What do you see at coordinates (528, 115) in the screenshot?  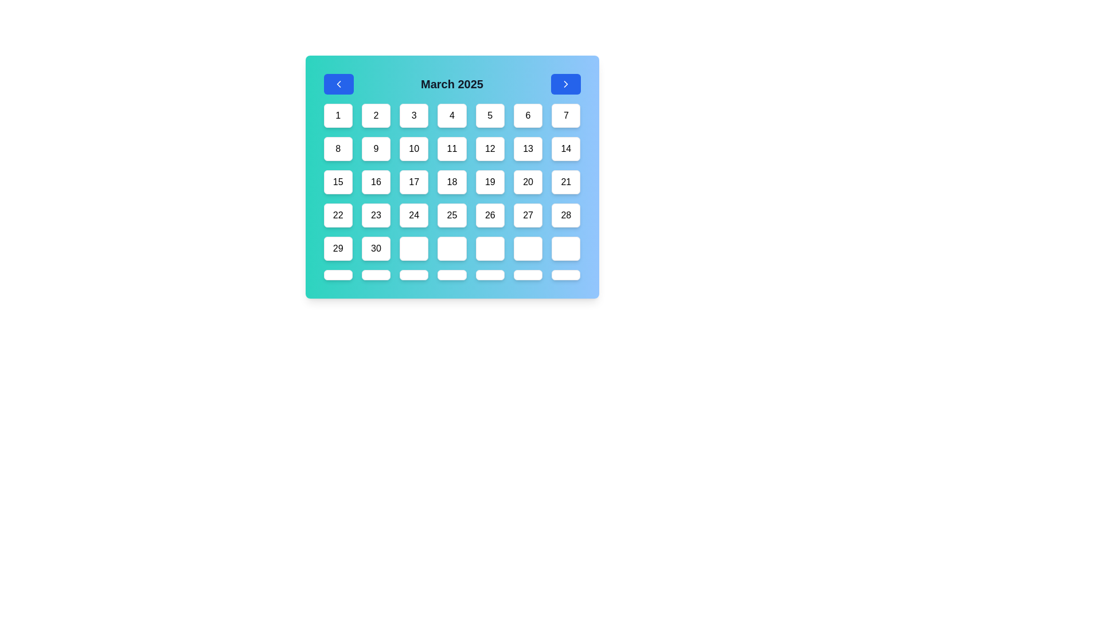 I see `the sixth day tile in the March 2025 calendar interface, which is positioned between the tiles labeled '5' and '7'` at bounding box center [528, 115].